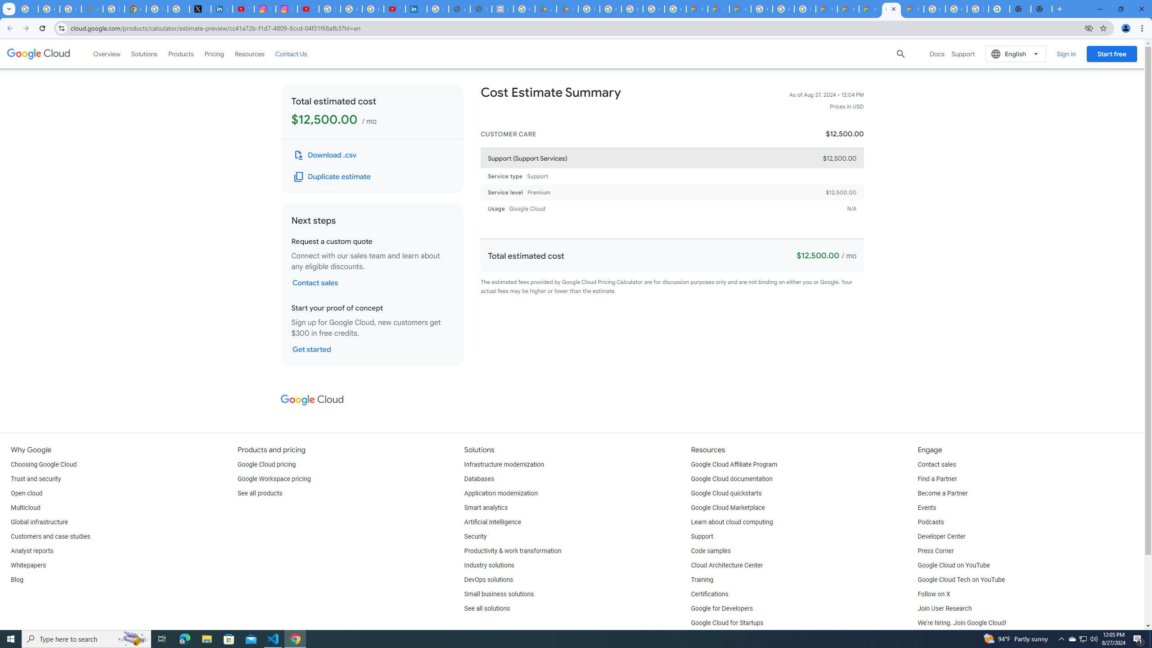  What do you see at coordinates (728, 507) in the screenshot?
I see `'Google Cloud Marketplace'` at bounding box center [728, 507].